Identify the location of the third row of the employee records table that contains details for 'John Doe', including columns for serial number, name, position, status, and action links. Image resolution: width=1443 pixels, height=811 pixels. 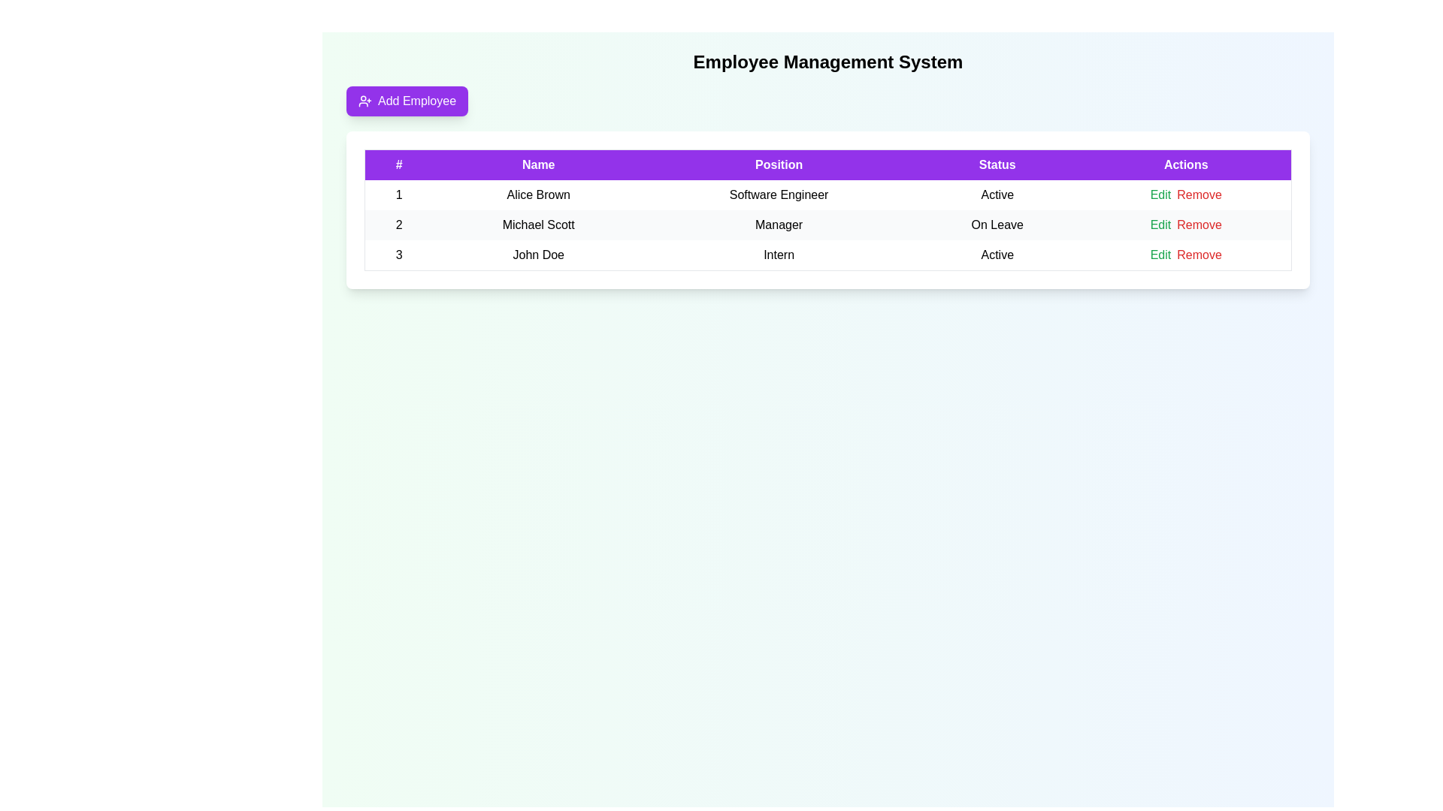
(827, 254).